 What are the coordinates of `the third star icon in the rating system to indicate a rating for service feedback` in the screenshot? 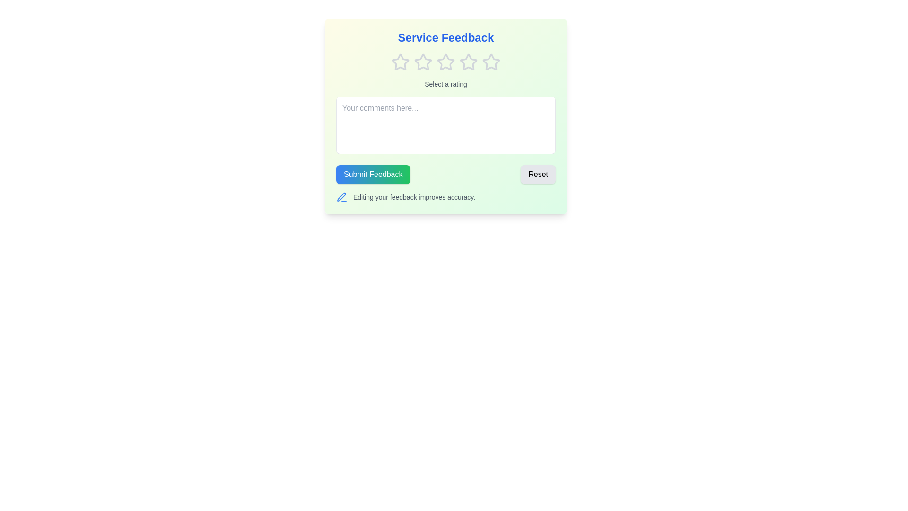 It's located at (422, 62).